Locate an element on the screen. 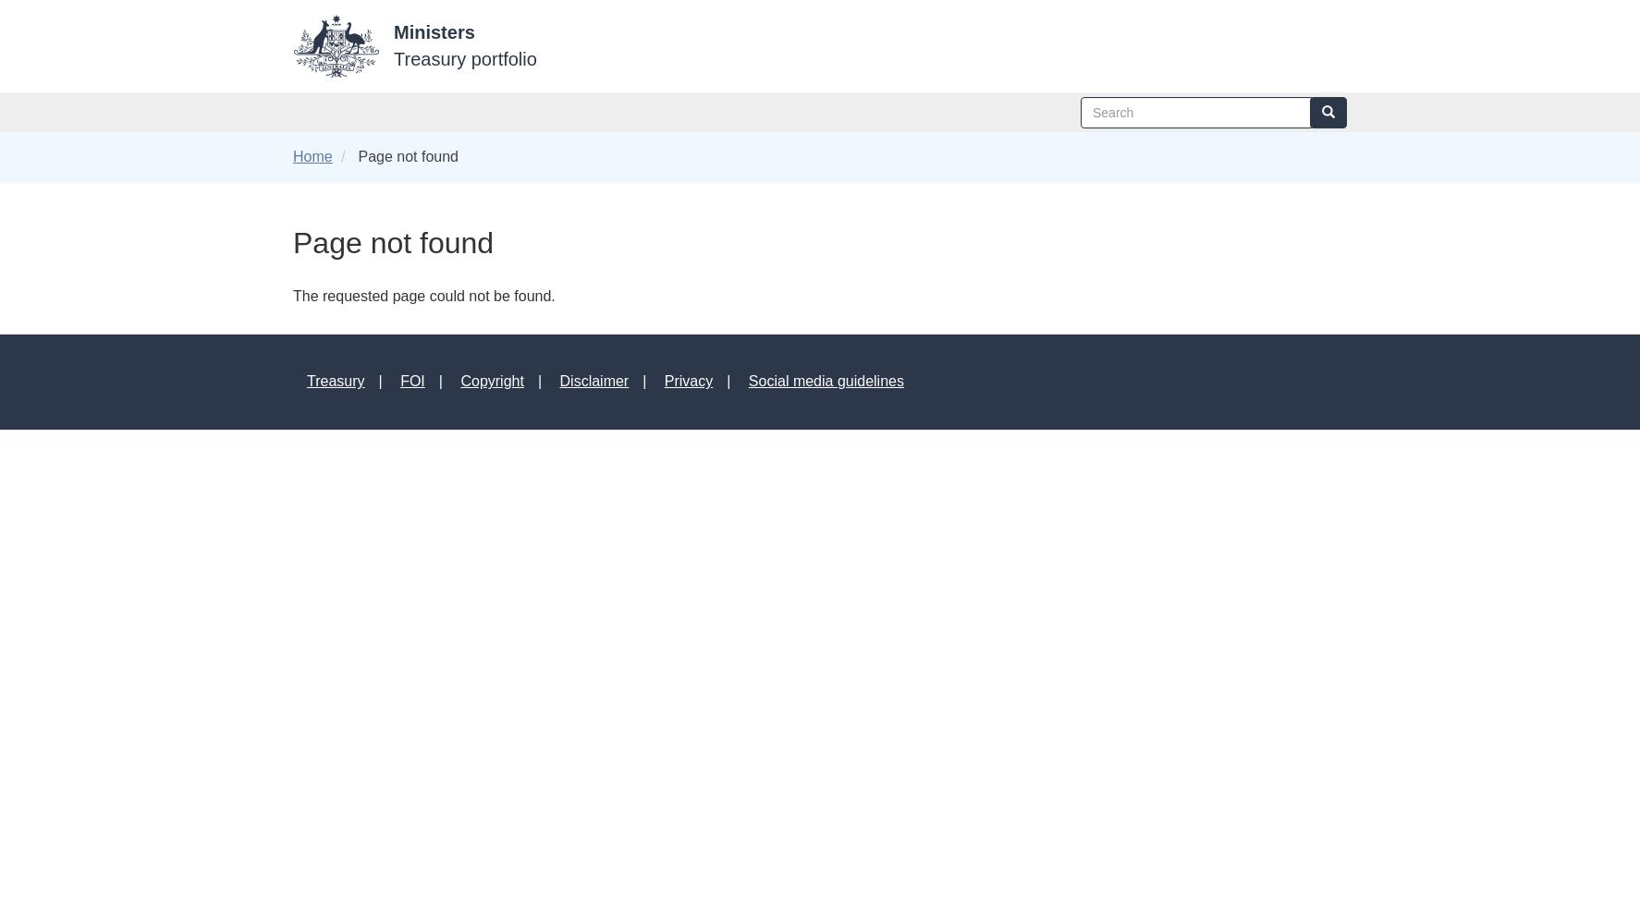  'Privacy' is located at coordinates (662, 381).